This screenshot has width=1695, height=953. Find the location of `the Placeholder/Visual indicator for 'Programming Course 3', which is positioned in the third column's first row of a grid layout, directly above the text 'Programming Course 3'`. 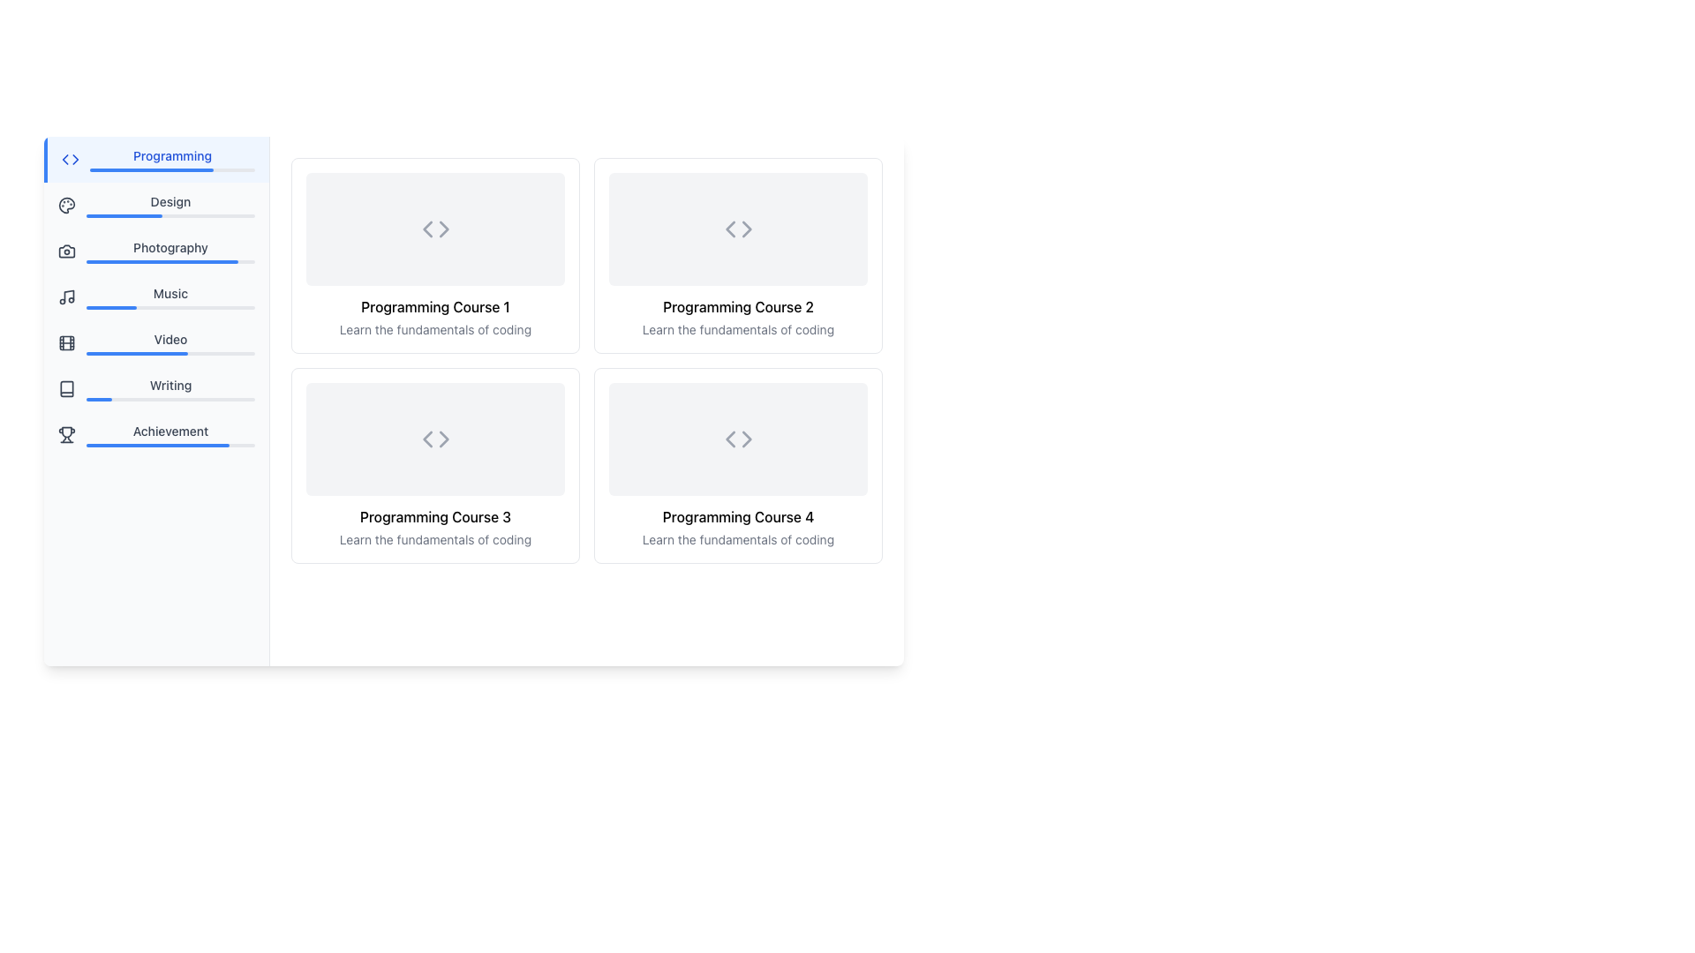

the Placeholder/Visual indicator for 'Programming Course 3', which is positioned in the third column's first row of a grid layout, directly above the text 'Programming Course 3' is located at coordinates (435, 438).